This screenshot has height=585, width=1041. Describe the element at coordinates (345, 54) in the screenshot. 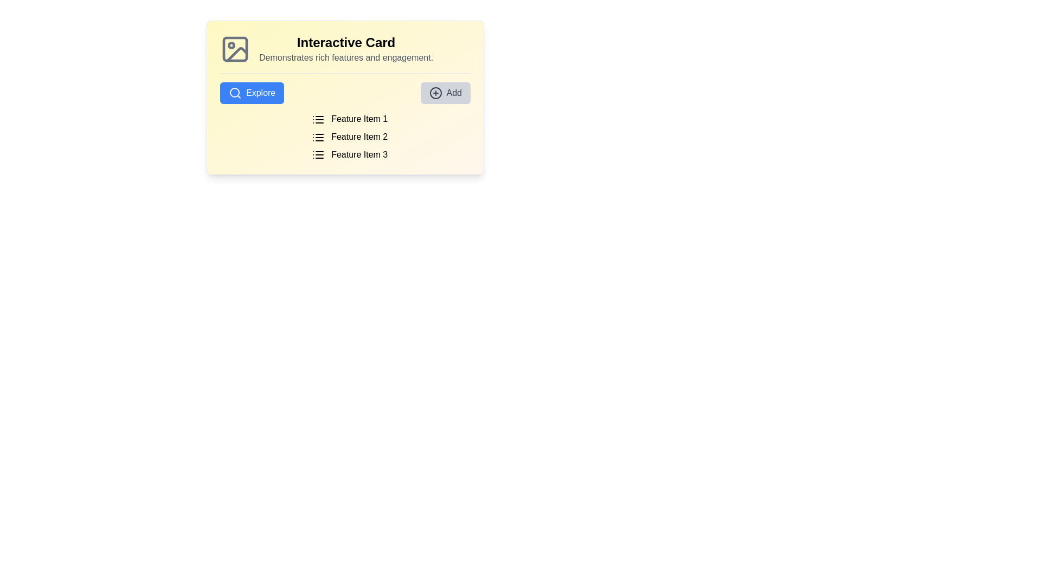

I see `the text block titled 'Interactive Card' which describes its rich features and engagement, located at the top of a card-like structure with a gradient background` at that location.